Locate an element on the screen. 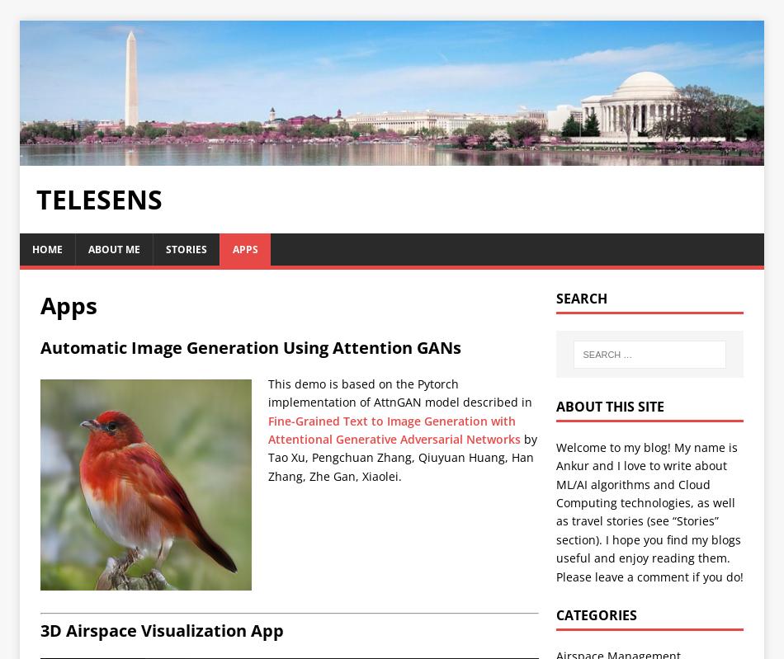 Image resolution: width=784 pixels, height=659 pixels. 'Apps' is located at coordinates (39, 305).